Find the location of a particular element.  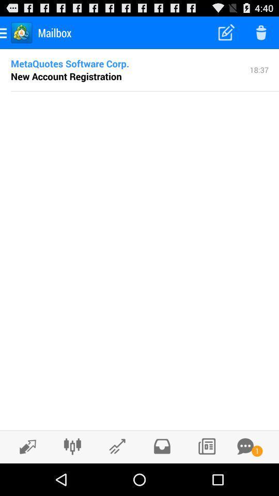

metaquotes software corp. icon is located at coordinates (70, 63).